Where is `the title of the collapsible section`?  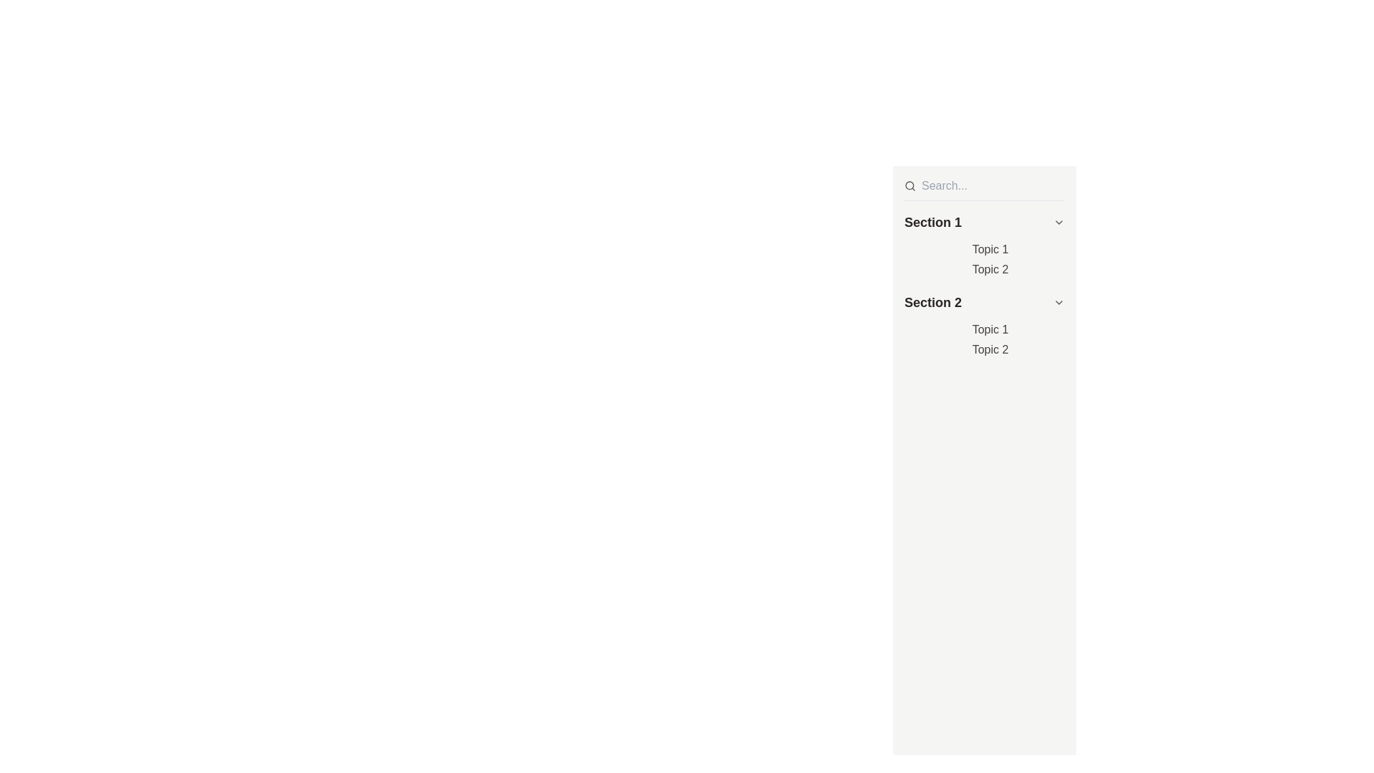 the title of the collapsible section is located at coordinates (933, 223).